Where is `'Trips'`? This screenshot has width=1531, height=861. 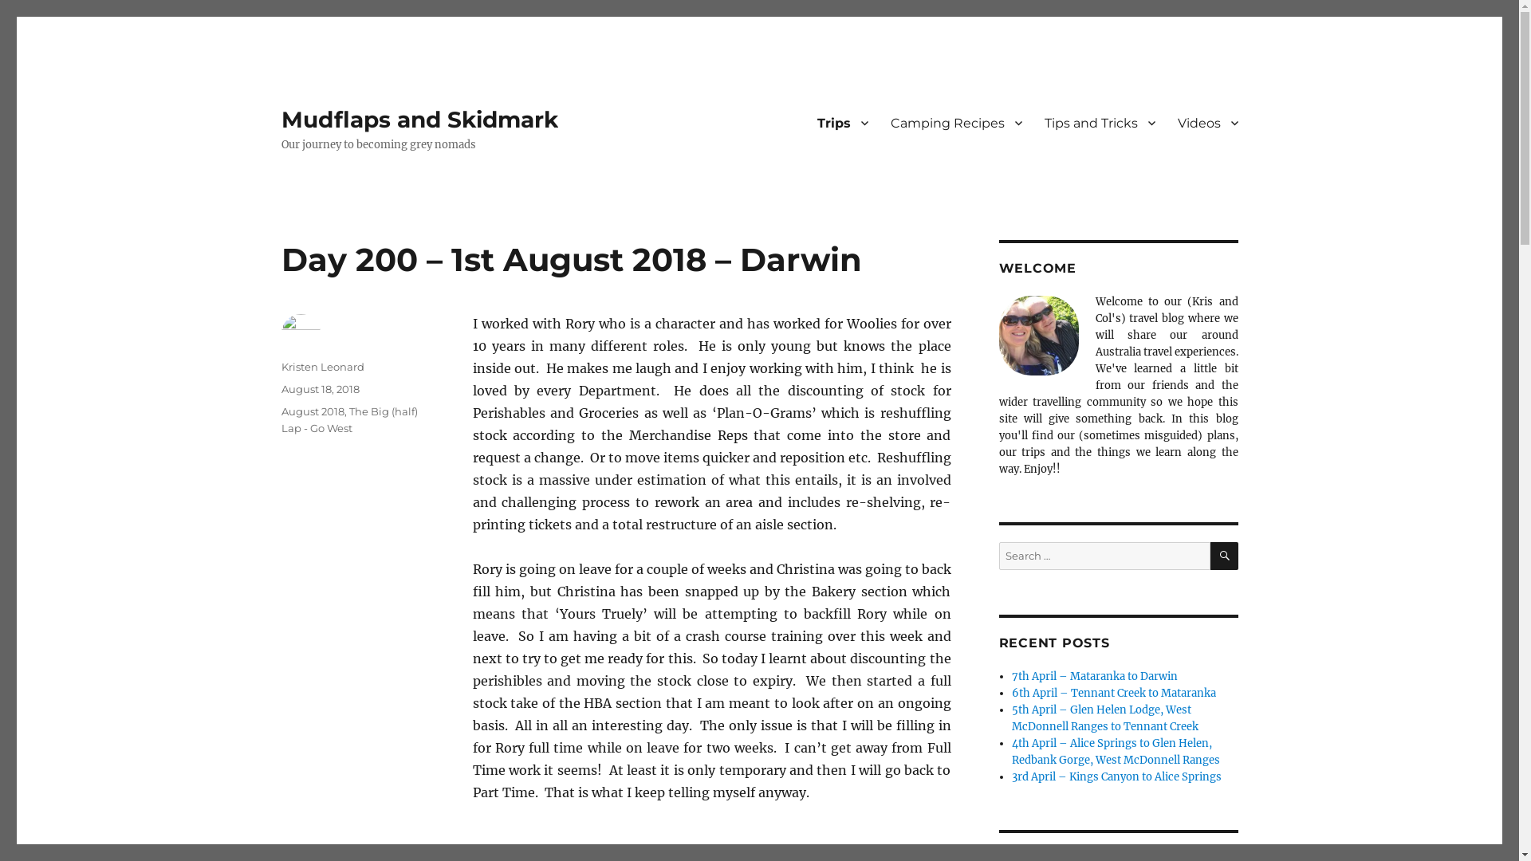
'Trips' is located at coordinates (841, 122).